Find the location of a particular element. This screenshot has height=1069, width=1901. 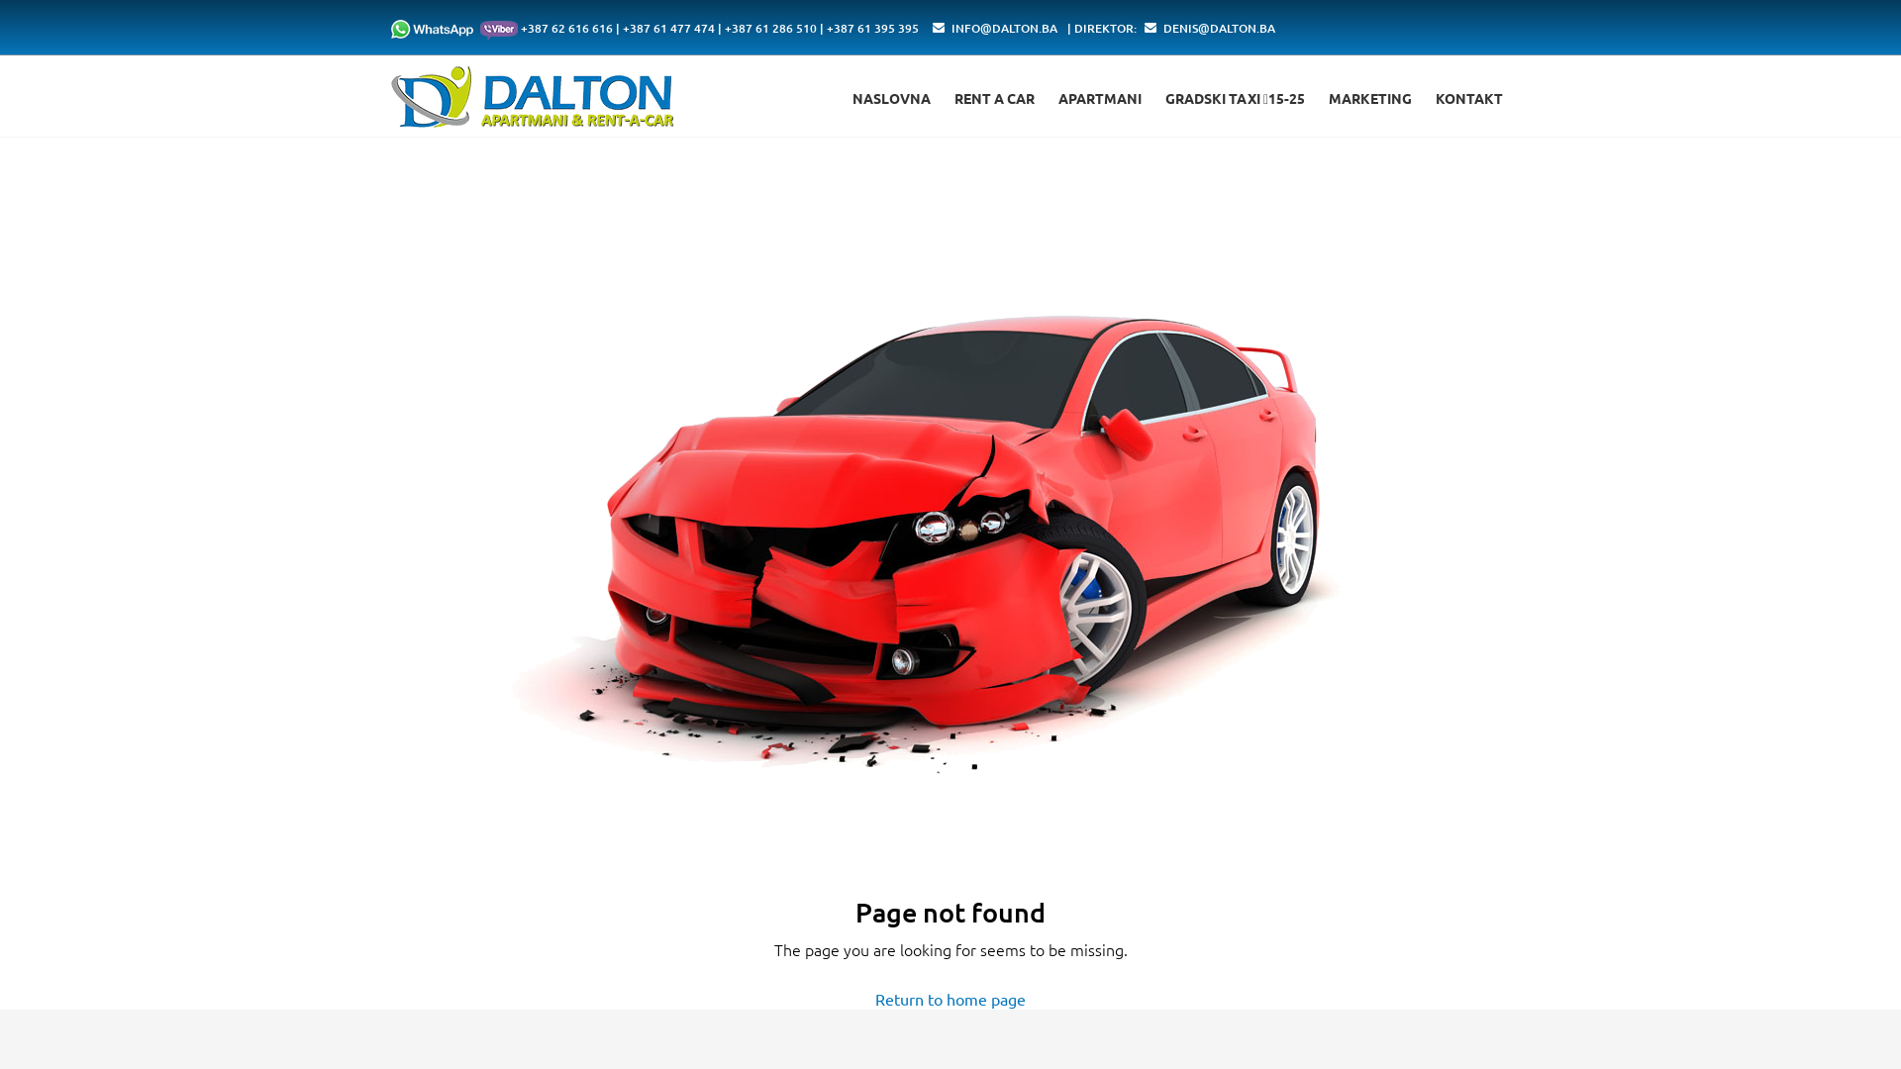

'+387 62 616 616' is located at coordinates (565, 28).